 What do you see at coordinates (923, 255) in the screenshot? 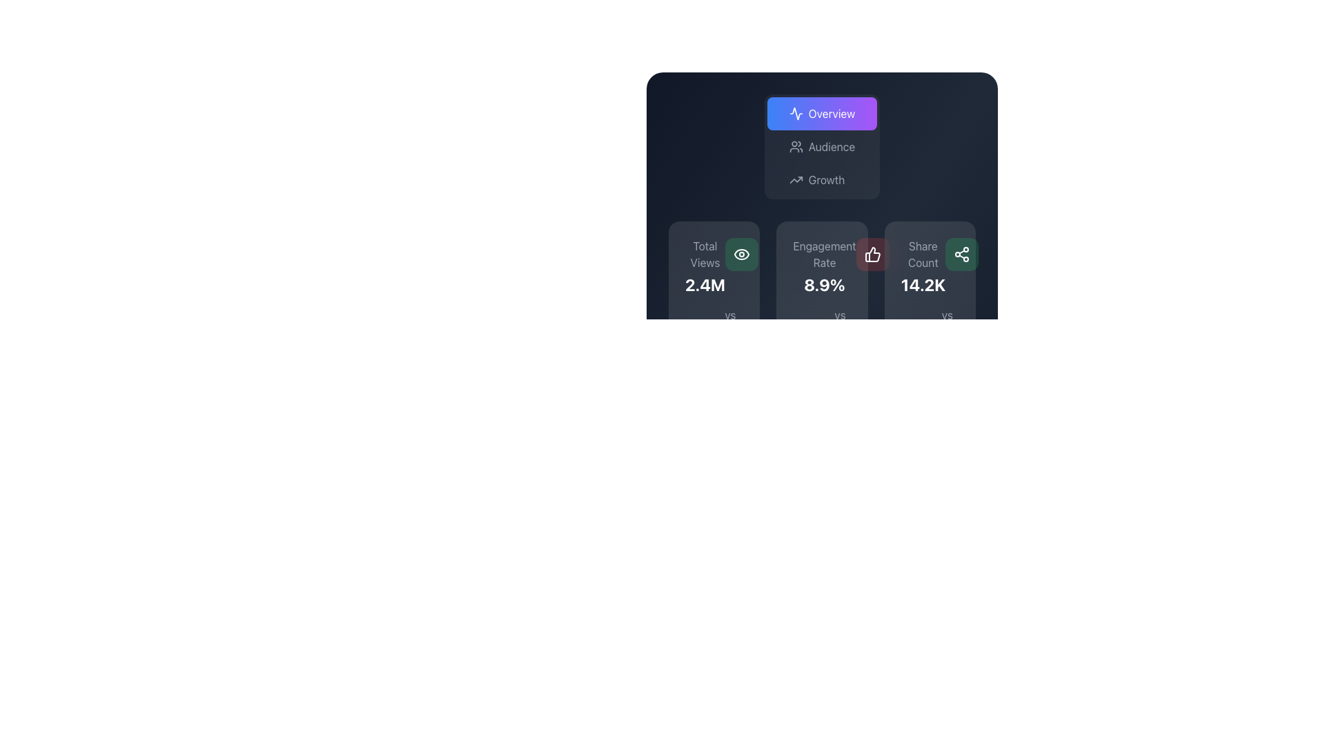
I see `the Text Display element that provides a label for the total share count, located above the numerical value '14.2K' in the right section of the statistics area` at bounding box center [923, 255].